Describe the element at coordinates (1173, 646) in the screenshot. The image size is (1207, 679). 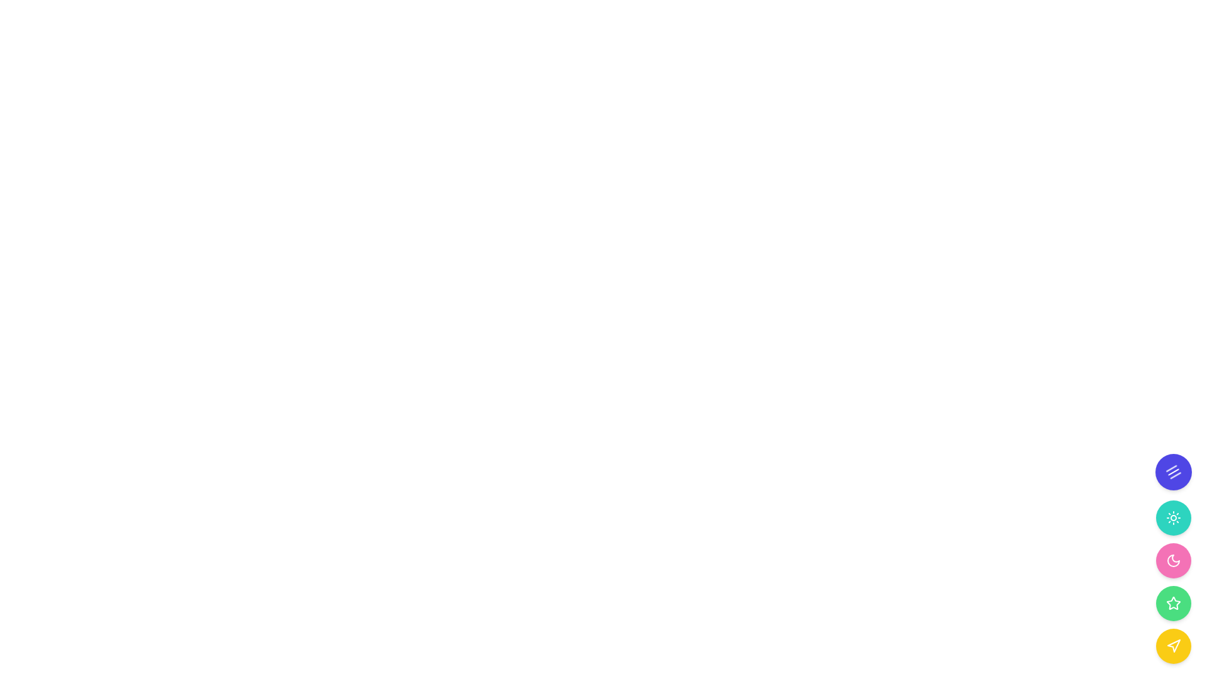
I see `the yellow circular button containing the navigation icon` at that location.